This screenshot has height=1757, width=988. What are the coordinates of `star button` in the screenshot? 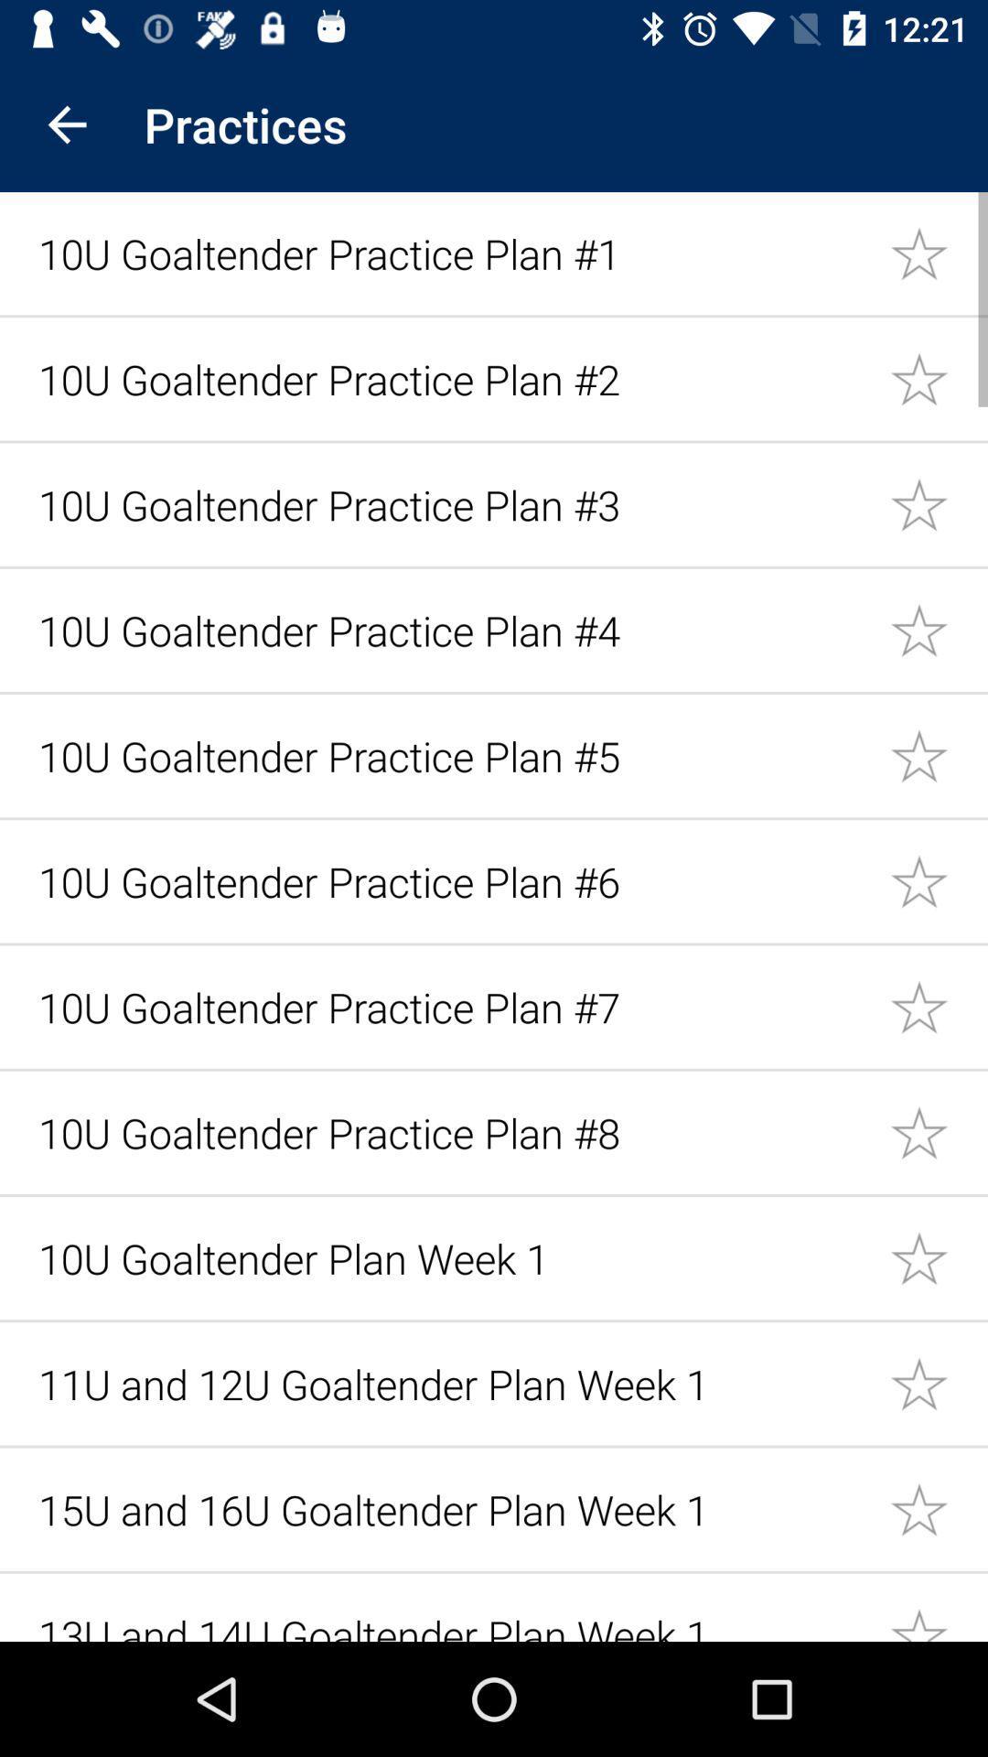 It's located at (939, 504).